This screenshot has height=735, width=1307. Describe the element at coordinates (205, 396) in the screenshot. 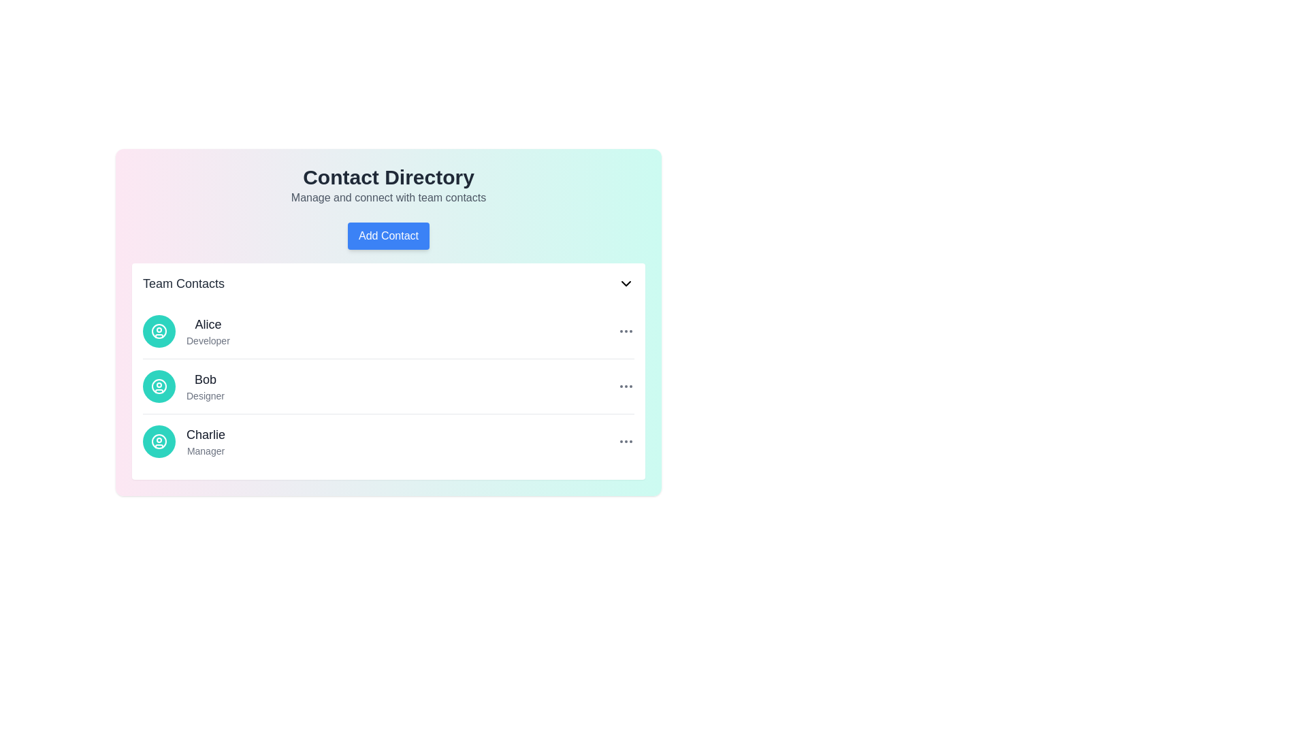

I see `the text label indicating the role or title associated with the user 'Bob', which is located directly under 'Bob' in the 'Team Contacts' list` at that location.